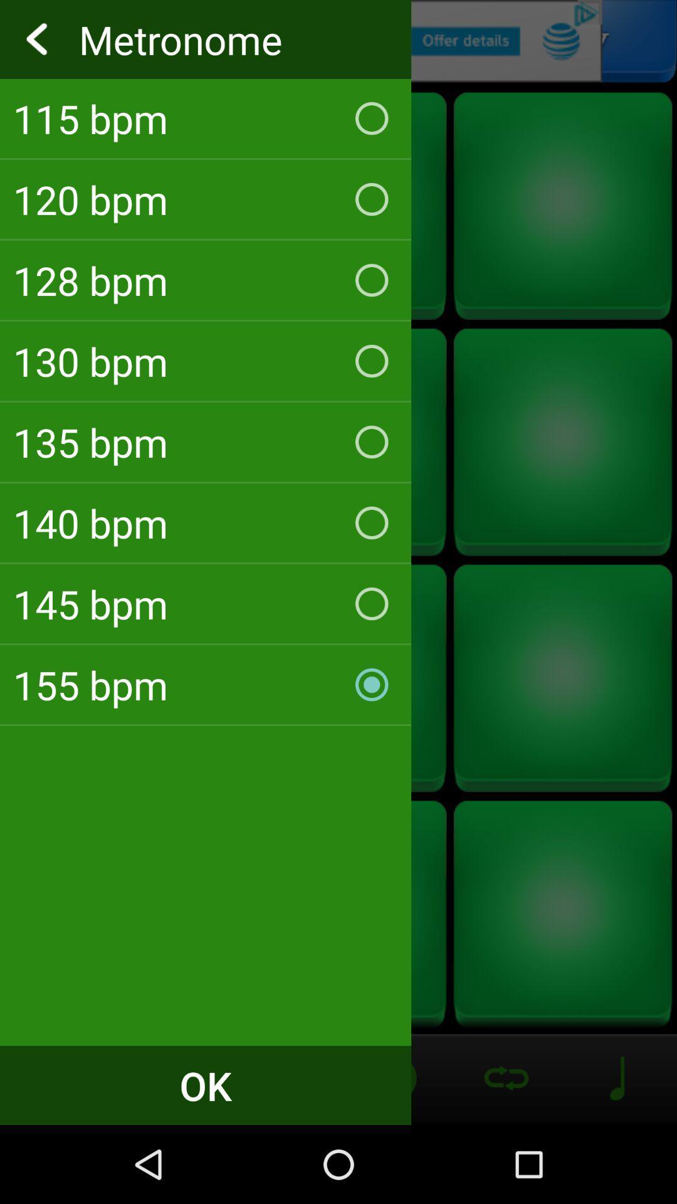 The width and height of the screenshot is (677, 1204). I want to click on the 130 bpm icon, so click(205, 361).